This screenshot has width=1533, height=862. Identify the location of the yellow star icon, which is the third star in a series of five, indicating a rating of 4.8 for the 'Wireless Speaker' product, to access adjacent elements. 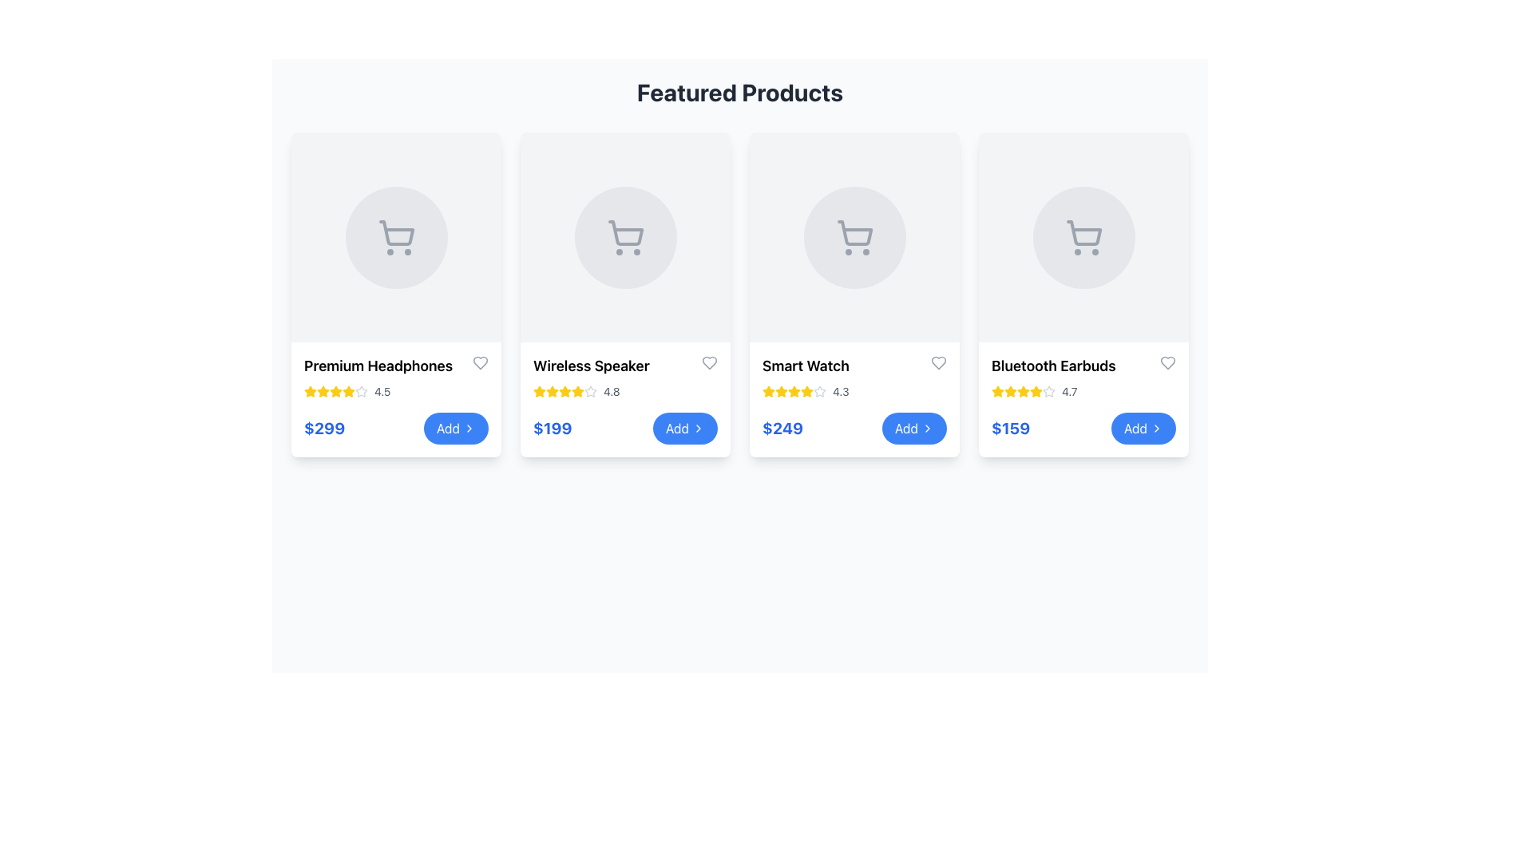
(552, 391).